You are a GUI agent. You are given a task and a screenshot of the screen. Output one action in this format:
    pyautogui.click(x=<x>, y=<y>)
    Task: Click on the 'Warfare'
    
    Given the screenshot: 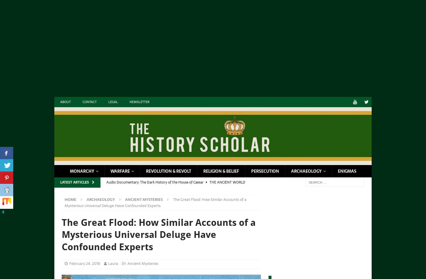 What is the action you would take?
    pyautogui.click(x=120, y=171)
    